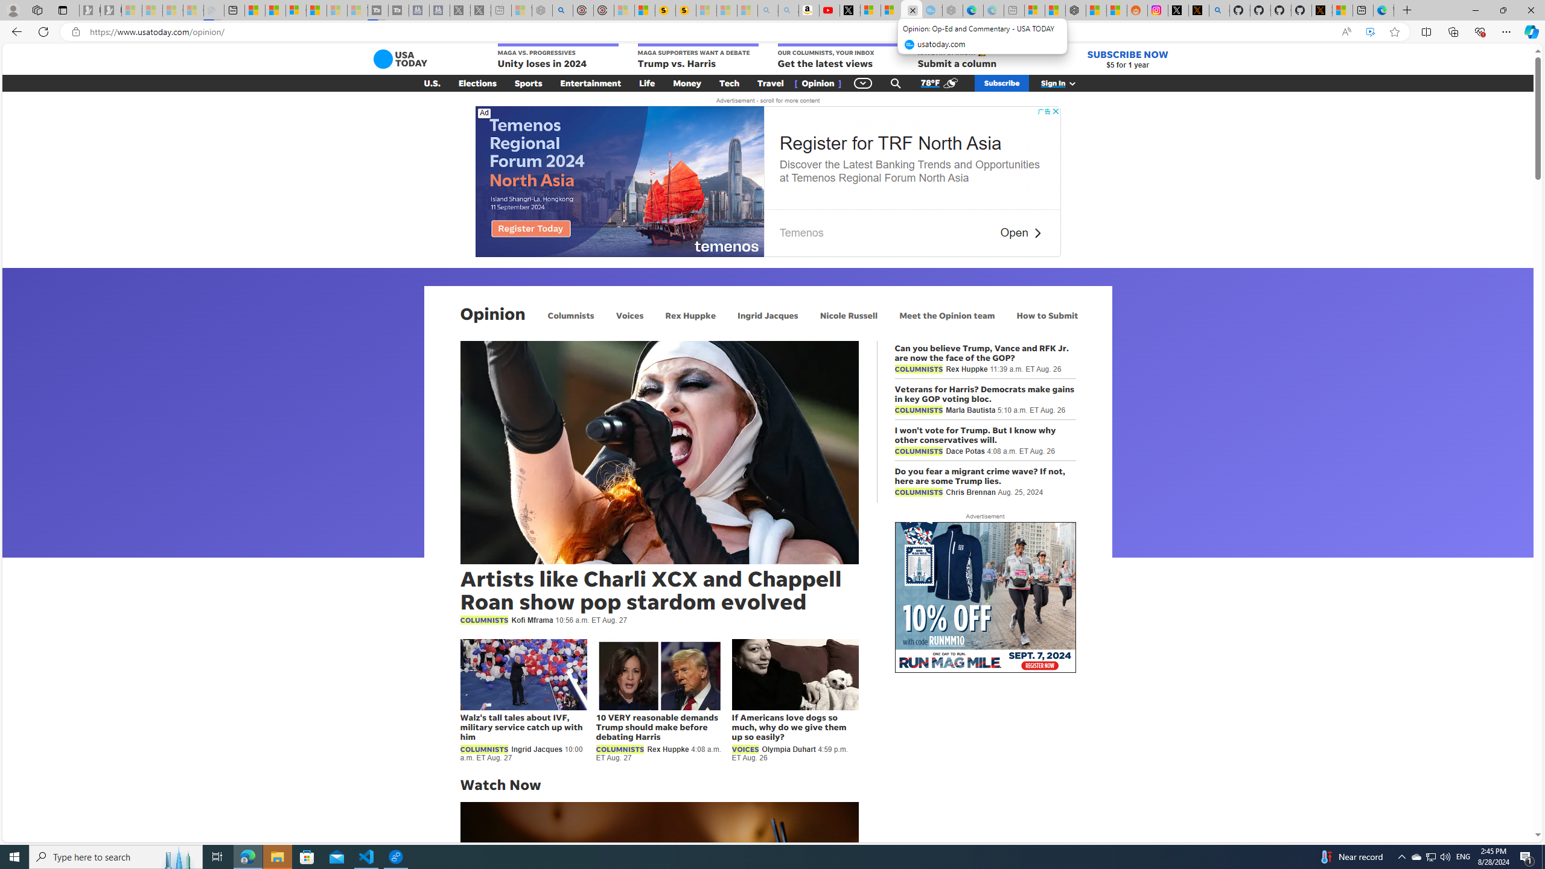  Describe the element at coordinates (1127, 58) in the screenshot. I see `'SUBSCRIBE NOW $5 for 1 year'` at that location.